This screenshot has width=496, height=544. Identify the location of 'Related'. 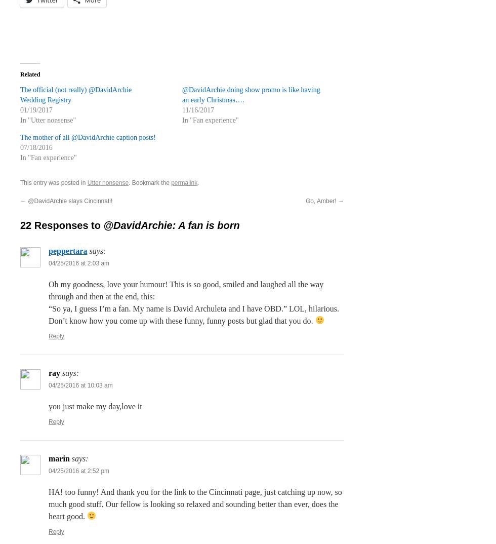
(30, 73).